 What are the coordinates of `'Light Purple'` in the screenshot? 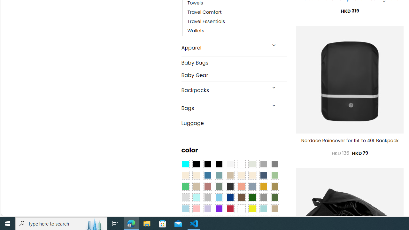 It's located at (208, 209).